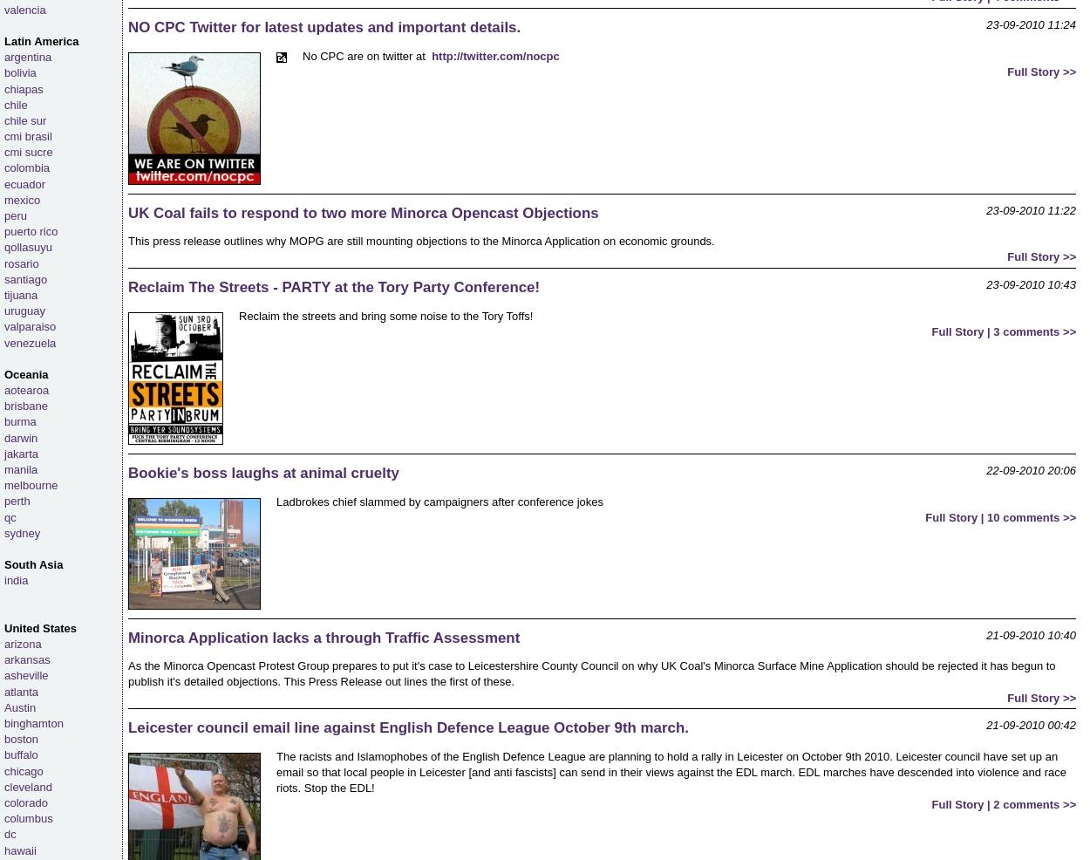 This screenshot has height=860, width=1090. I want to click on 'buffalo', so click(20, 754).